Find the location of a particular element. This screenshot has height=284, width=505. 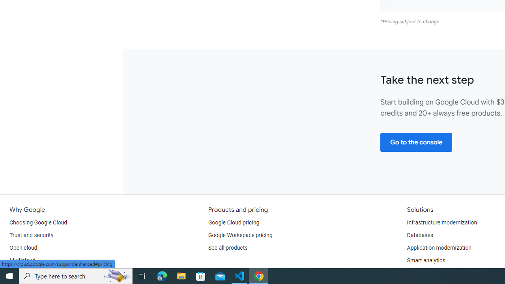

'Artificial Intelligence' is located at coordinates (431, 273).